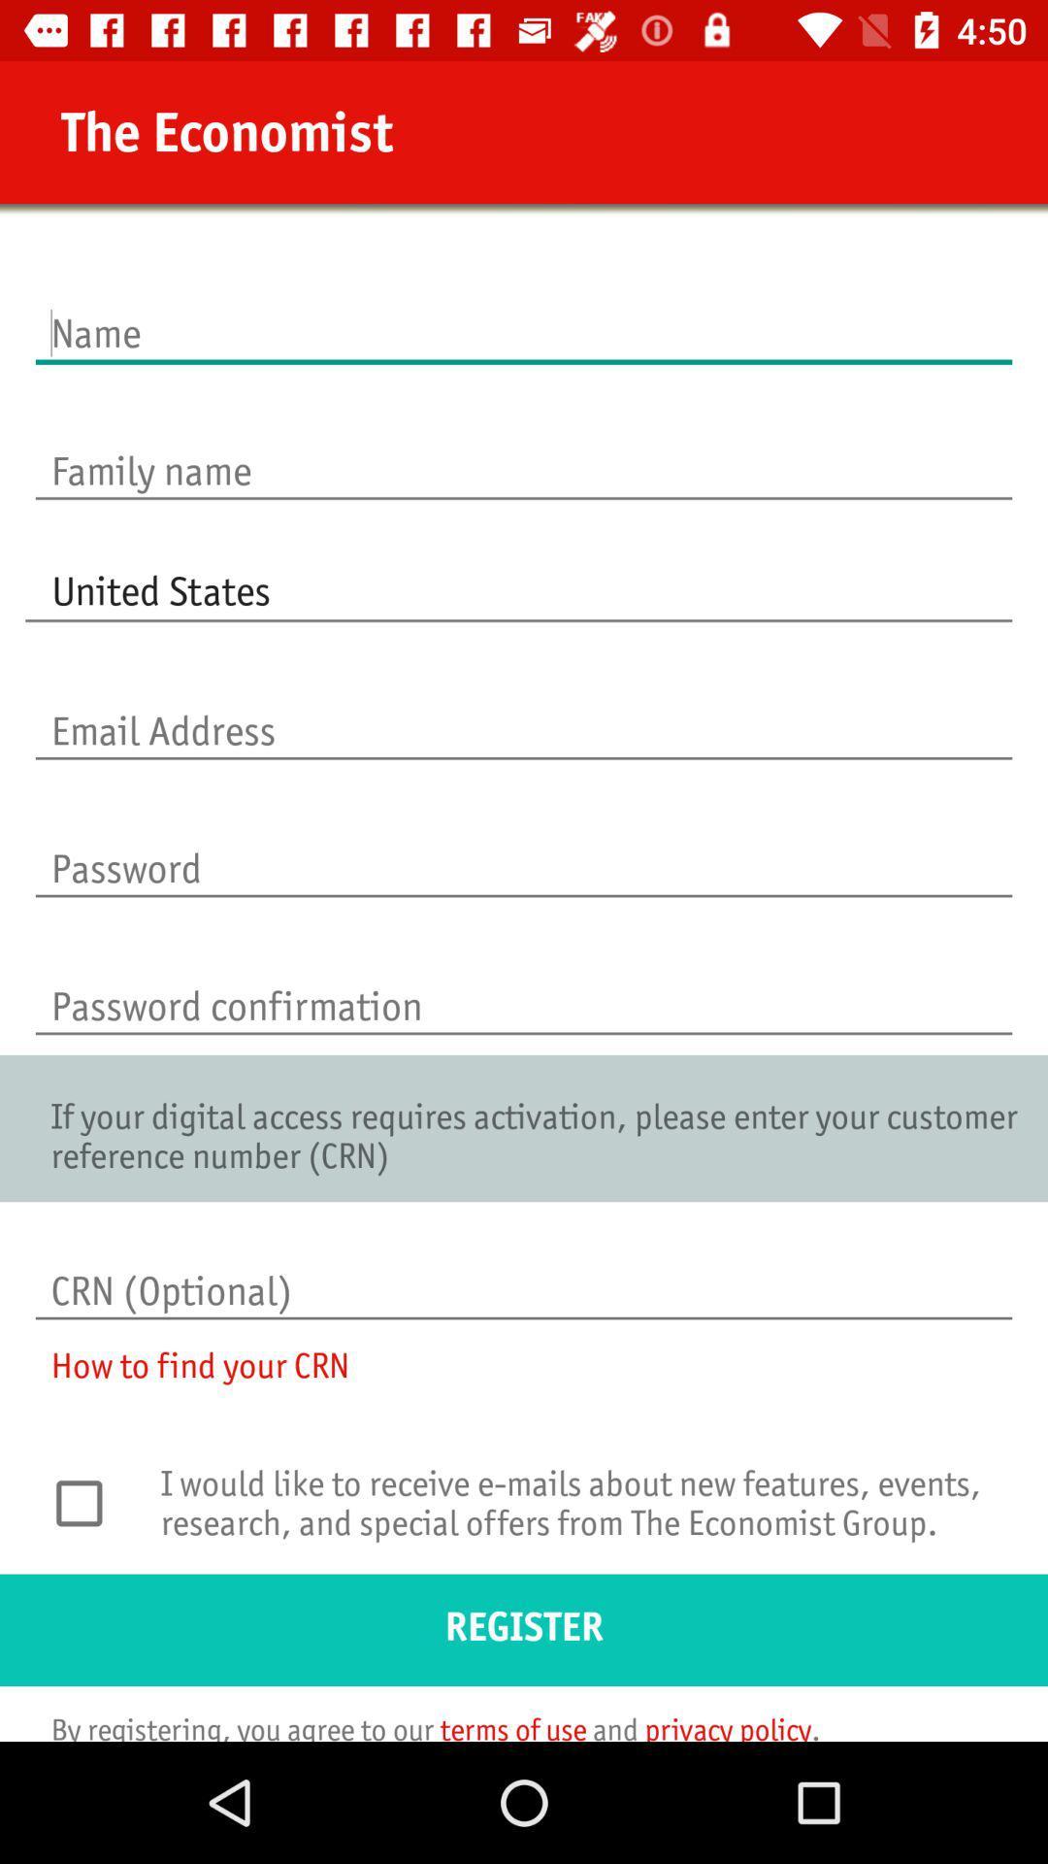 The image size is (1048, 1864). What do you see at coordinates (421, 1726) in the screenshot?
I see `the by registering you item` at bounding box center [421, 1726].